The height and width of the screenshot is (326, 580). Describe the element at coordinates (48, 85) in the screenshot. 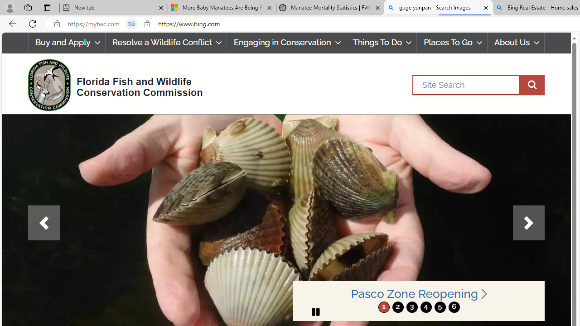

I see `'FWC Logo'` at that location.